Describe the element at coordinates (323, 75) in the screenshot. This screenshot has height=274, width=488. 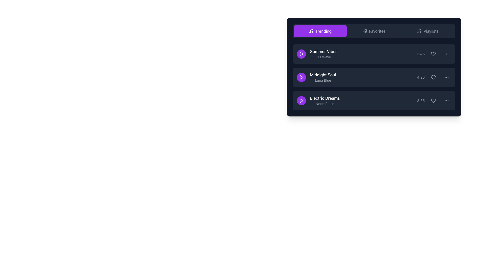
I see `the Text Label displaying 'Midnight Soul', which is located in a playlist-like interface next to other text elements and above 'Luna Blue'` at that location.